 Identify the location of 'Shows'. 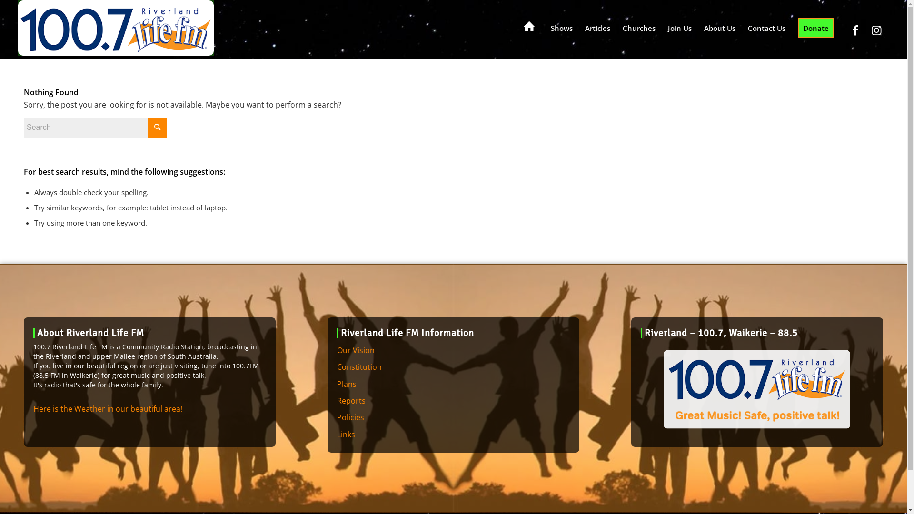
(562, 27).